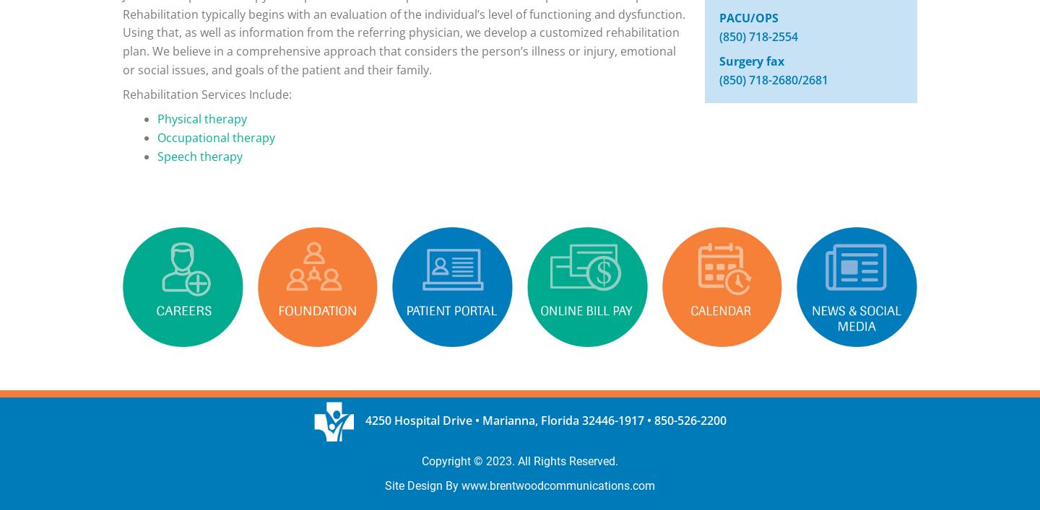 The height and width of the screenshot is (510, 1040). What do you see at coordinates (718, 17) in the screenshot?
I see `'PACU/OPS'` at bounding box center [718, 17].